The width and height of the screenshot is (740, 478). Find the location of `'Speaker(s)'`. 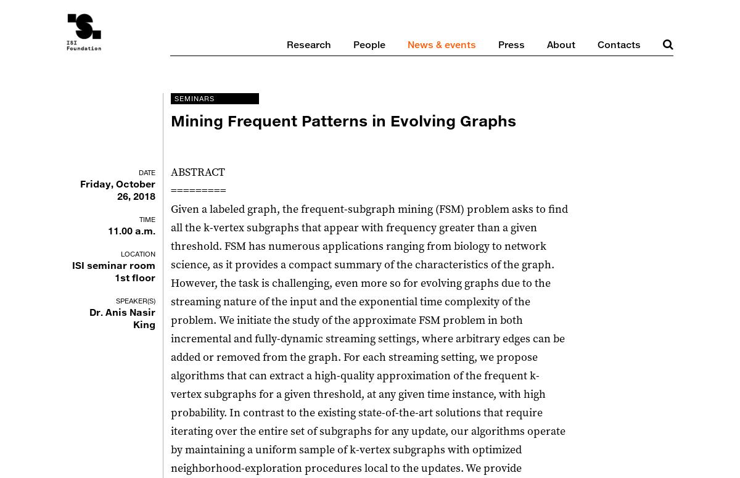

'Speaker(s)' is located at coordinates (134, 300).